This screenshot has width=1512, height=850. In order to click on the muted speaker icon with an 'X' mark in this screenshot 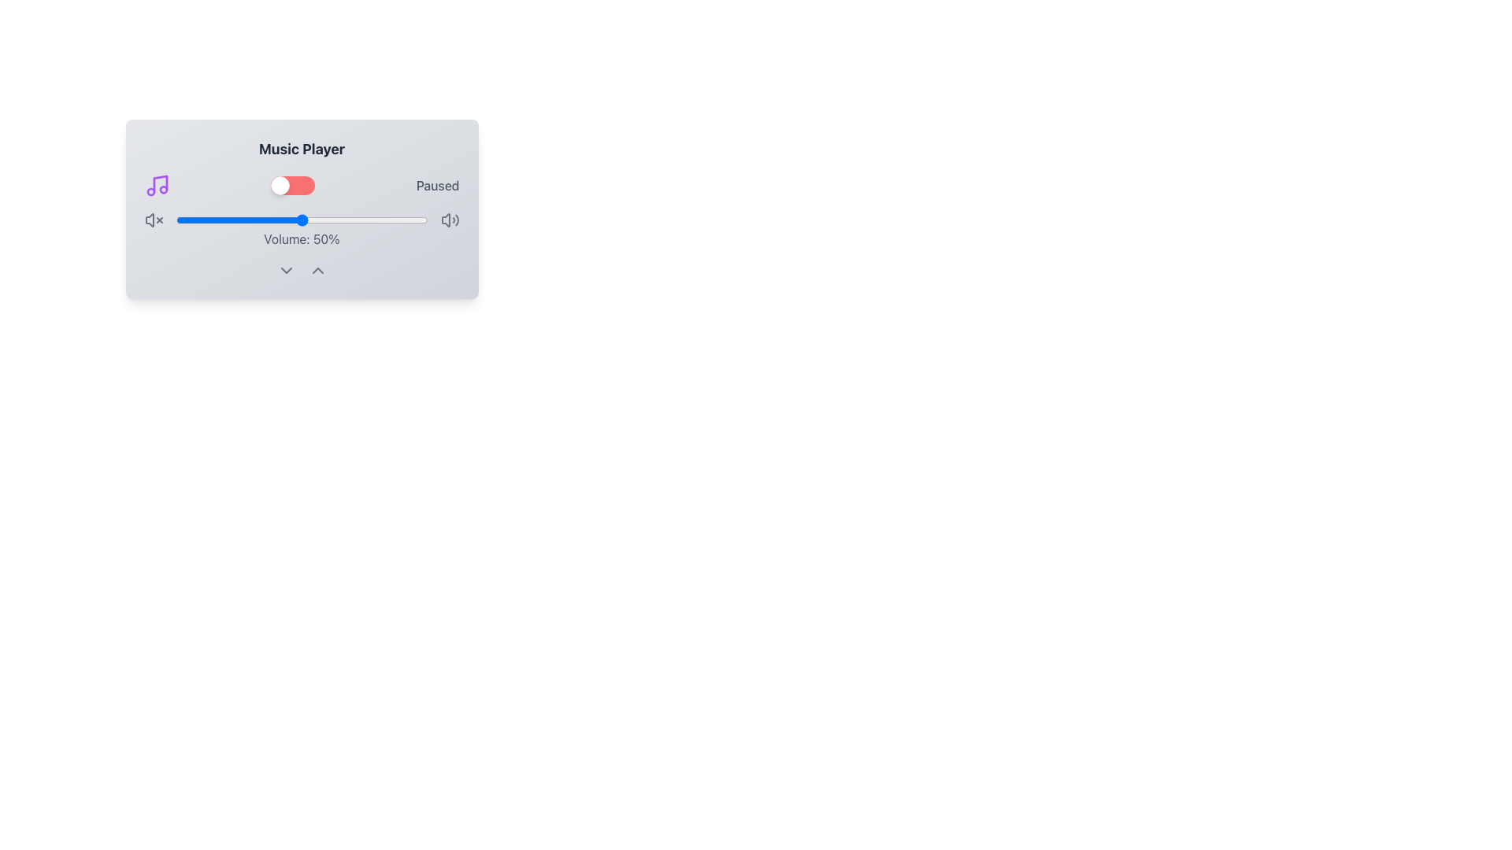, I will do `click(154, 220)`.